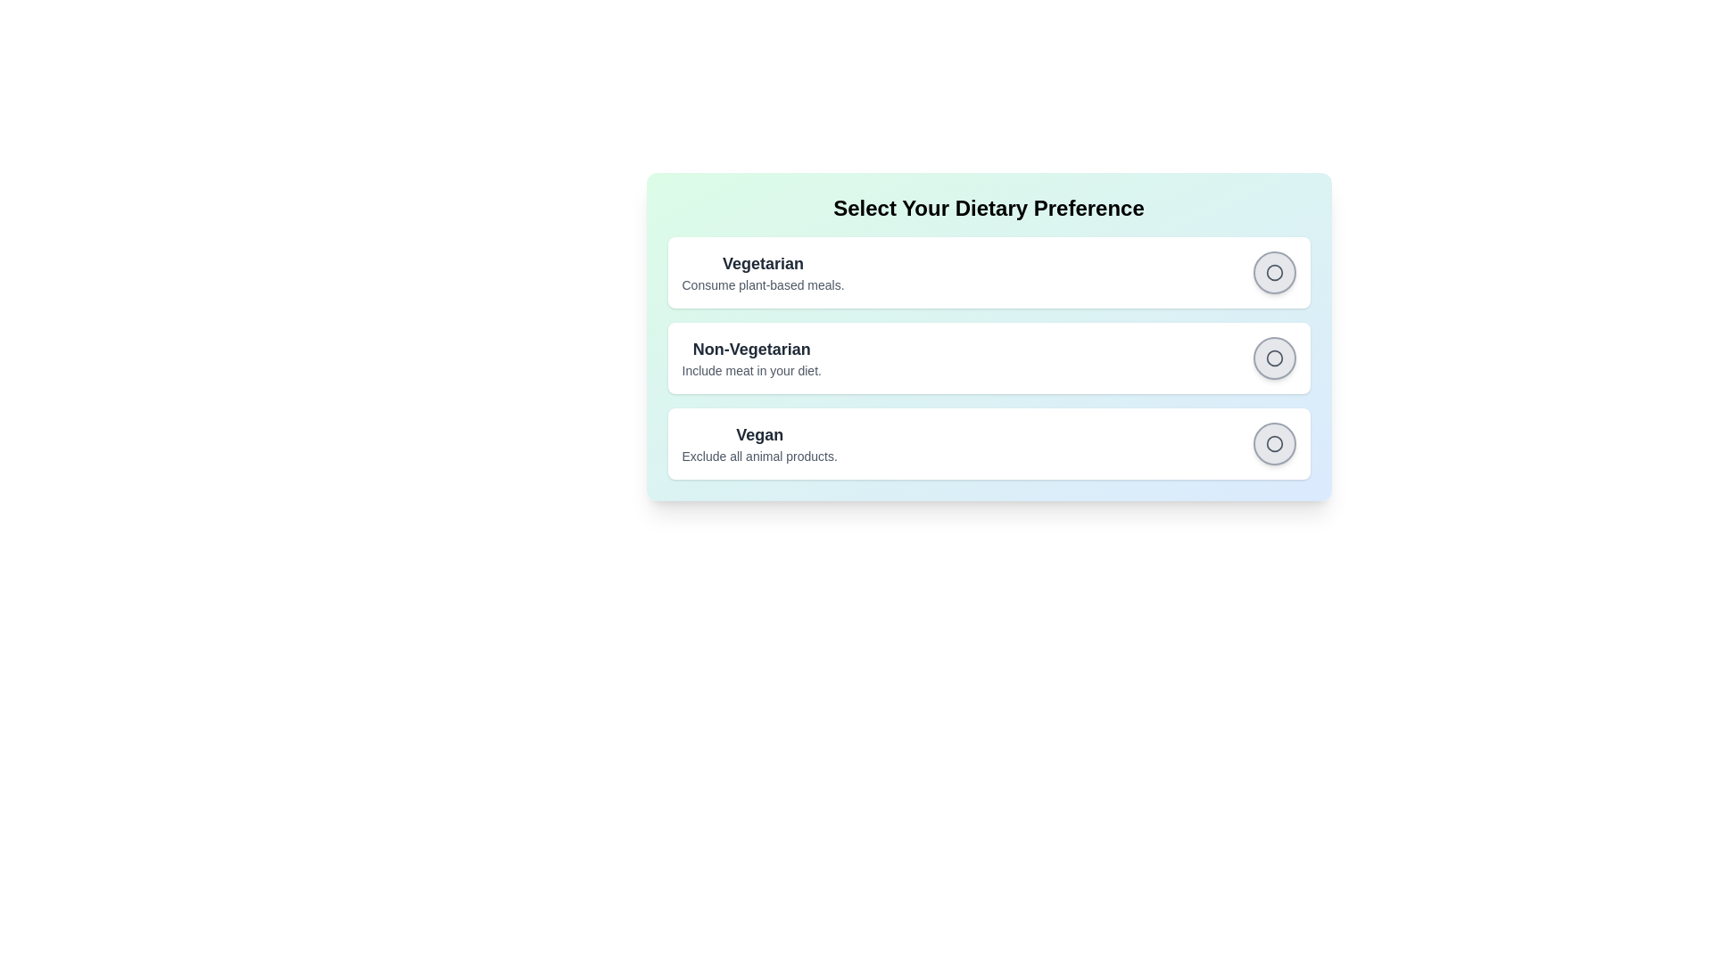 The image size is (1713, 963). I want to click on text content of the 'Vegetarian' label, which is centrally aligned at the top of its card in the first row of dietary options, so click(763, 264).